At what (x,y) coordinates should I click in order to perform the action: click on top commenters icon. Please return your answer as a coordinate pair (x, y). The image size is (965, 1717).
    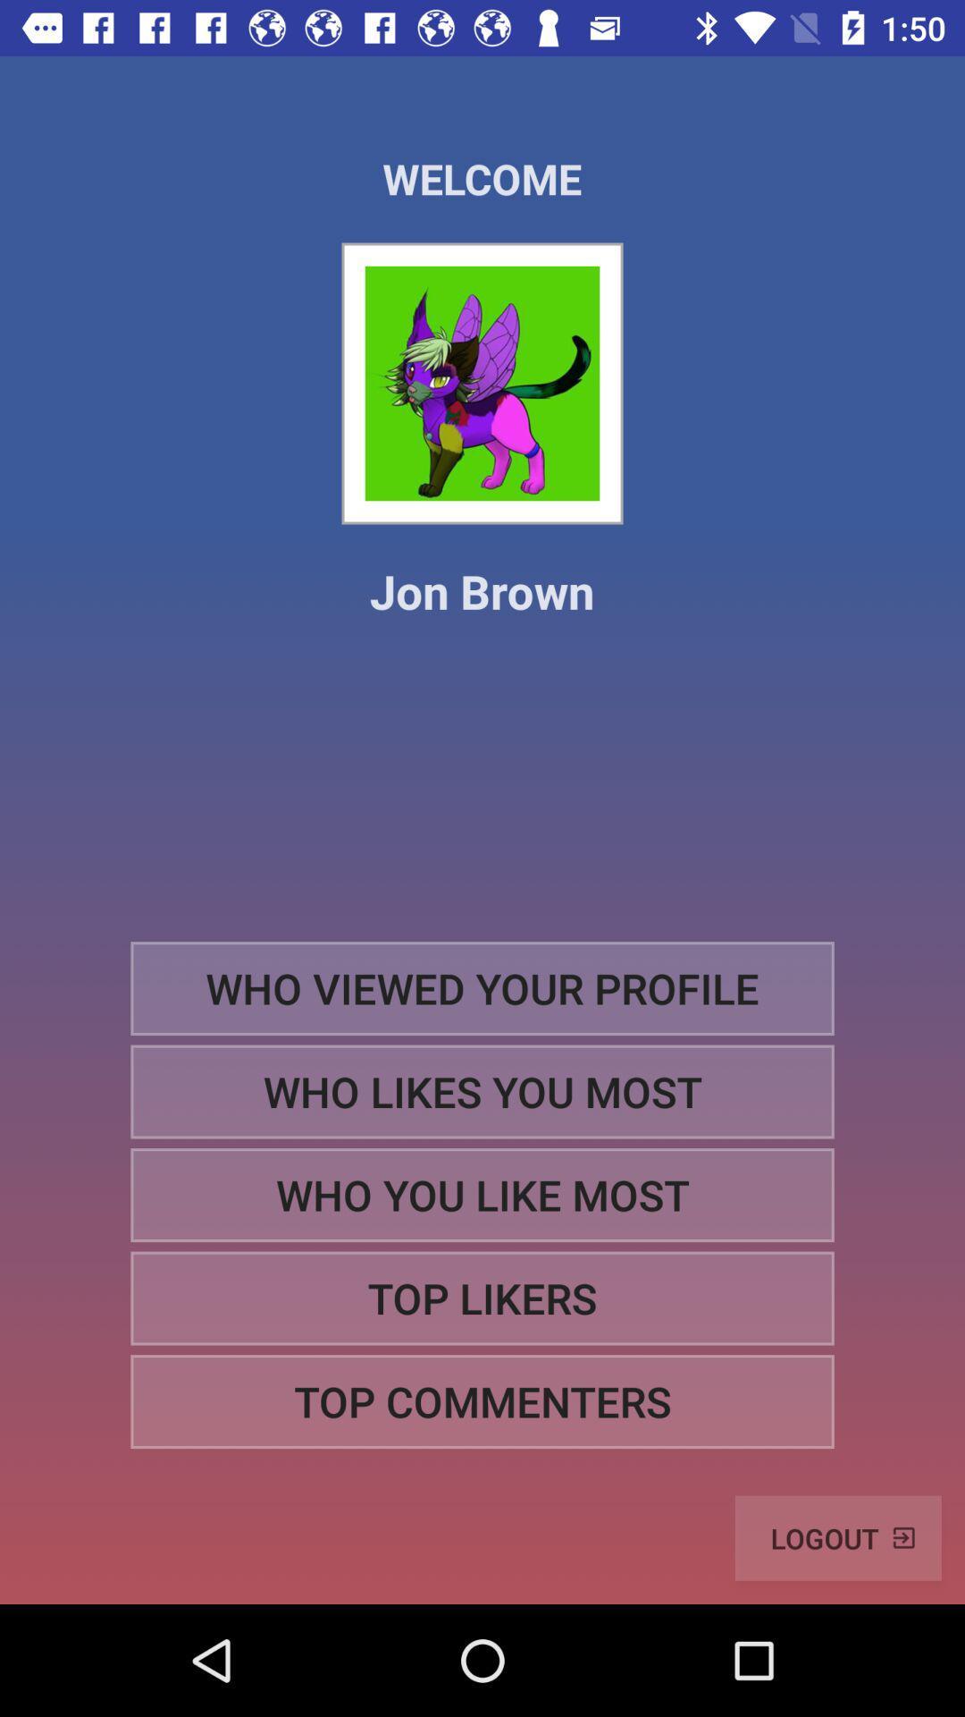
    Looking at the image, I should click on (482, 1400).